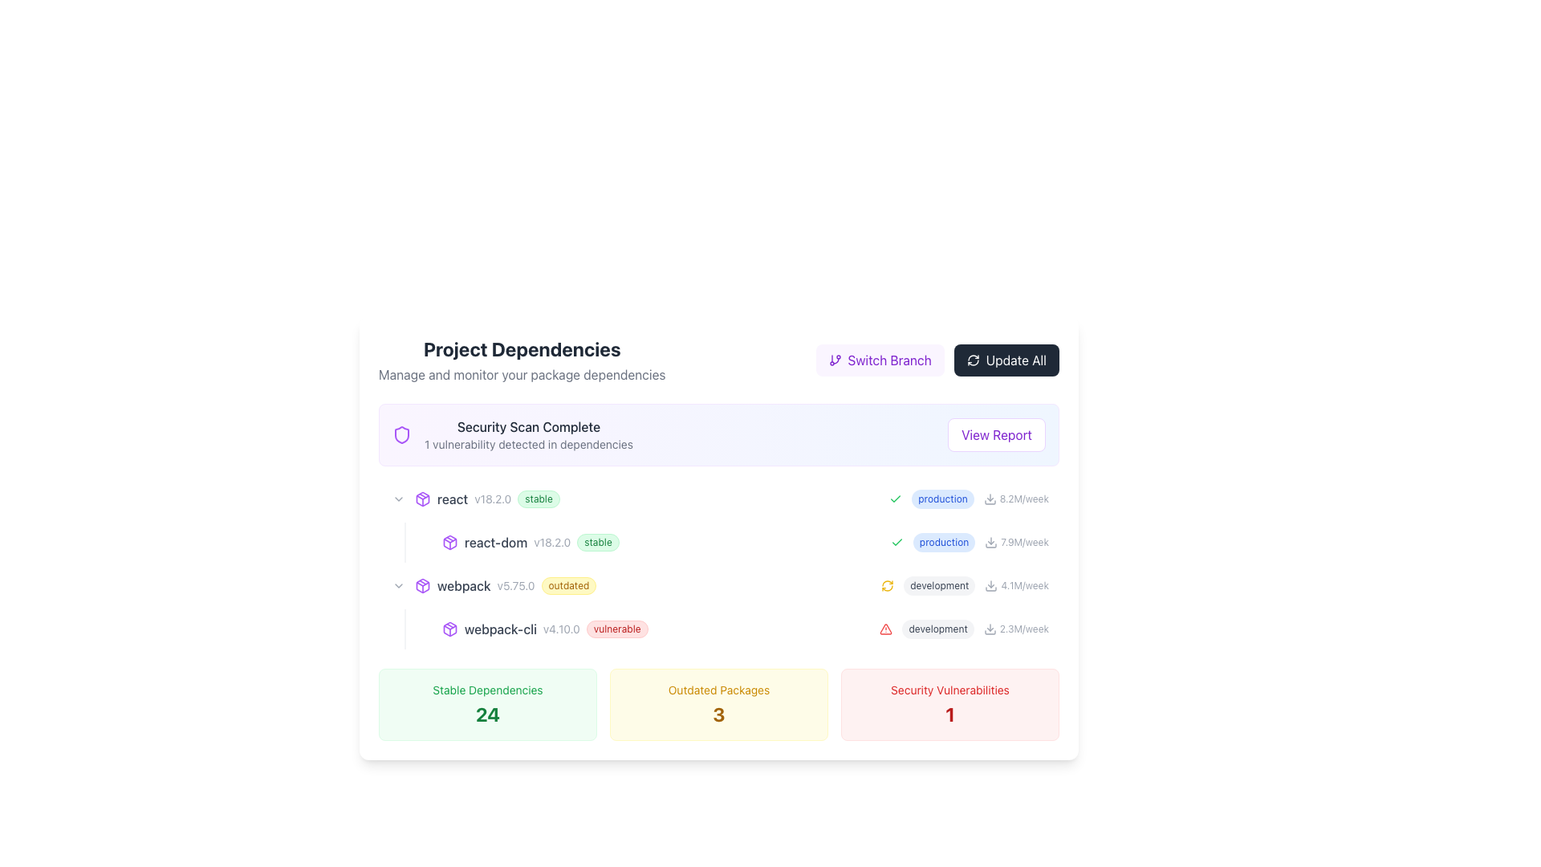 The width and height of the screenshot is (1541, 867). What do you see at coordinates (423, 585) in the screenshot?
I see `the purple-stroked package icon located to the left of the 'webpack v5.75.0 outdated' label in the list of project dependencies` at bounding box center [423, 585].